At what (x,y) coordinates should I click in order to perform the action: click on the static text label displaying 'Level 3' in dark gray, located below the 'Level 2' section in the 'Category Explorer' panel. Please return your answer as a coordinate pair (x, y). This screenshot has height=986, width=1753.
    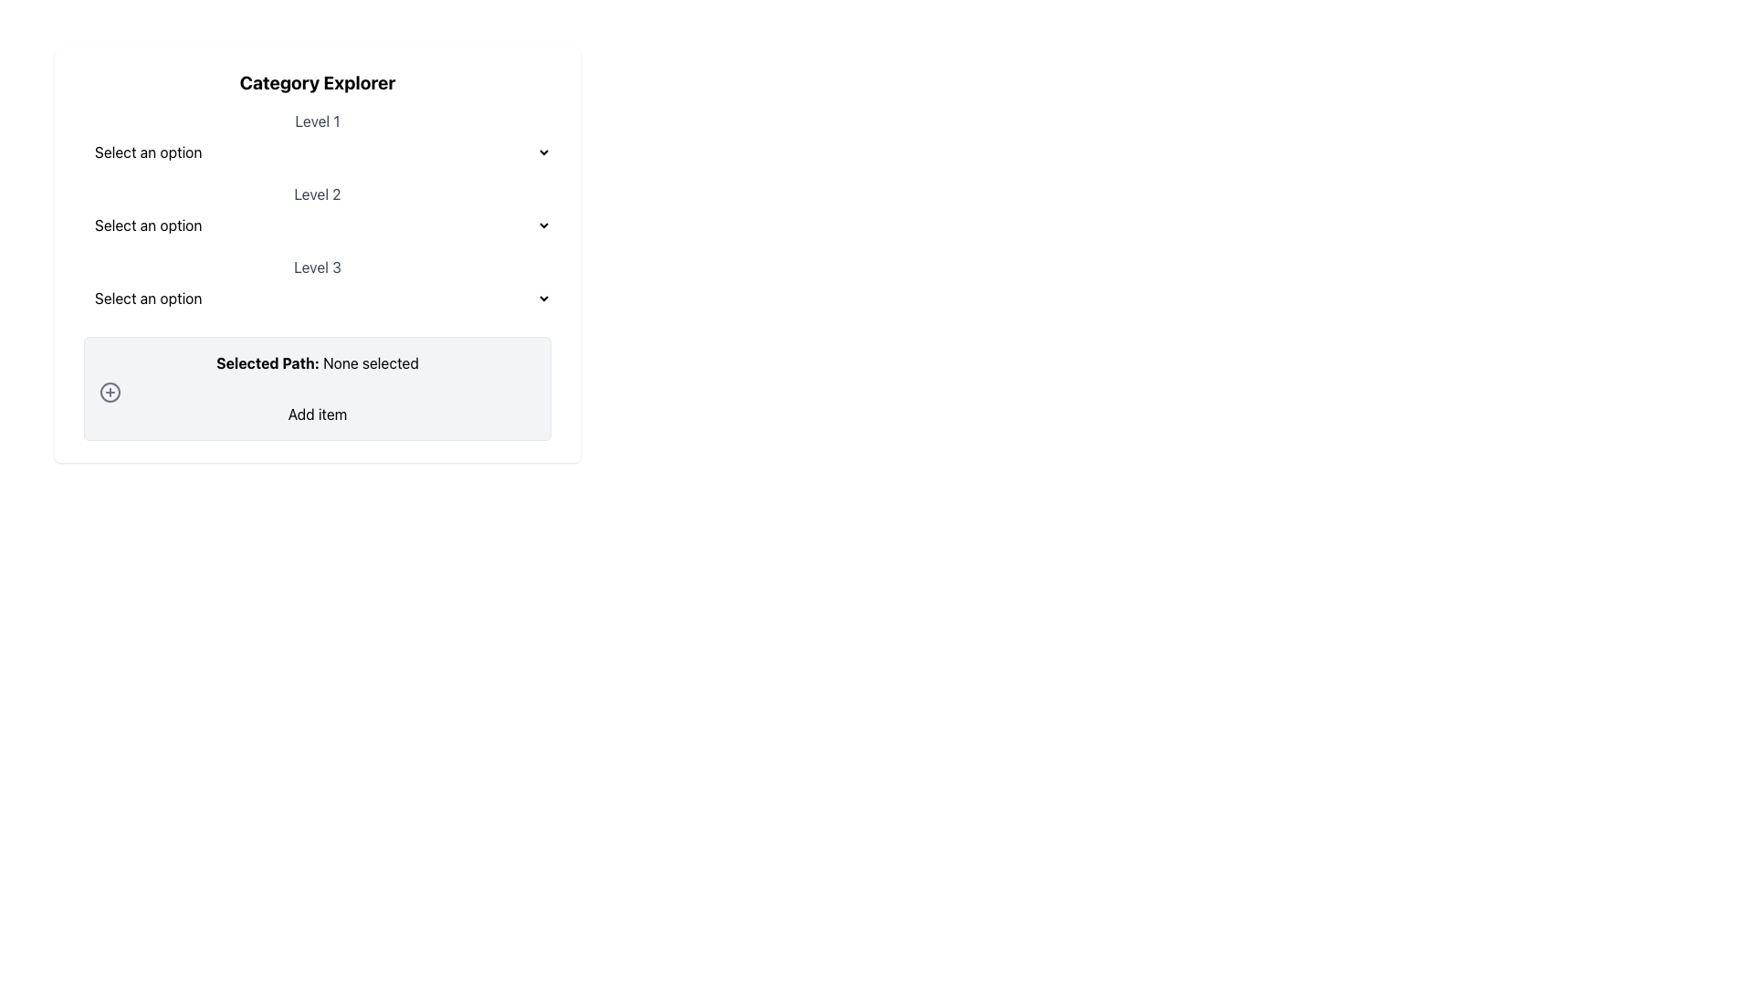
    Looking at the image, I should click on (317, 267).